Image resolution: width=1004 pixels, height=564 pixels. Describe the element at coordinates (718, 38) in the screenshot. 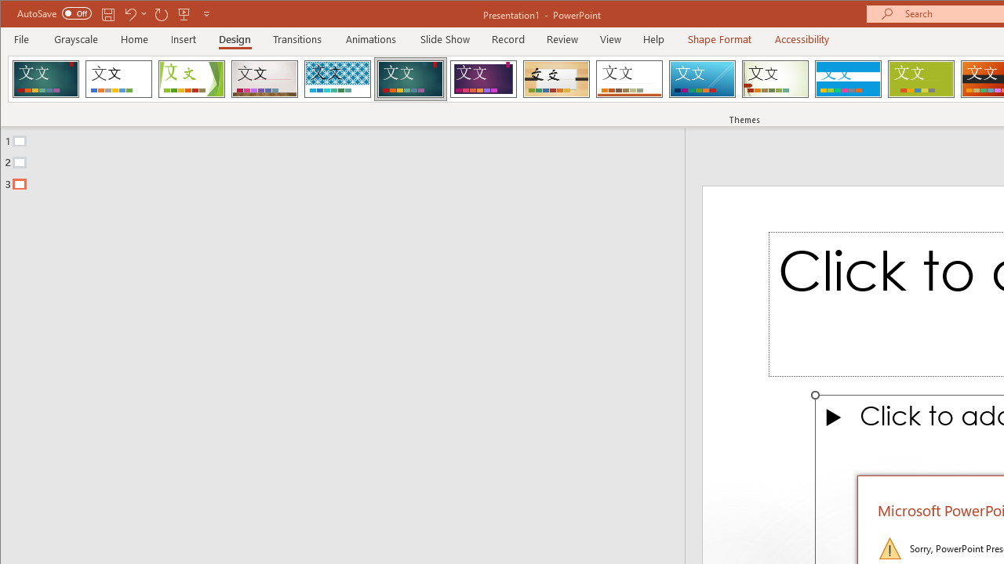

I see `'Shape Format'` at that location.